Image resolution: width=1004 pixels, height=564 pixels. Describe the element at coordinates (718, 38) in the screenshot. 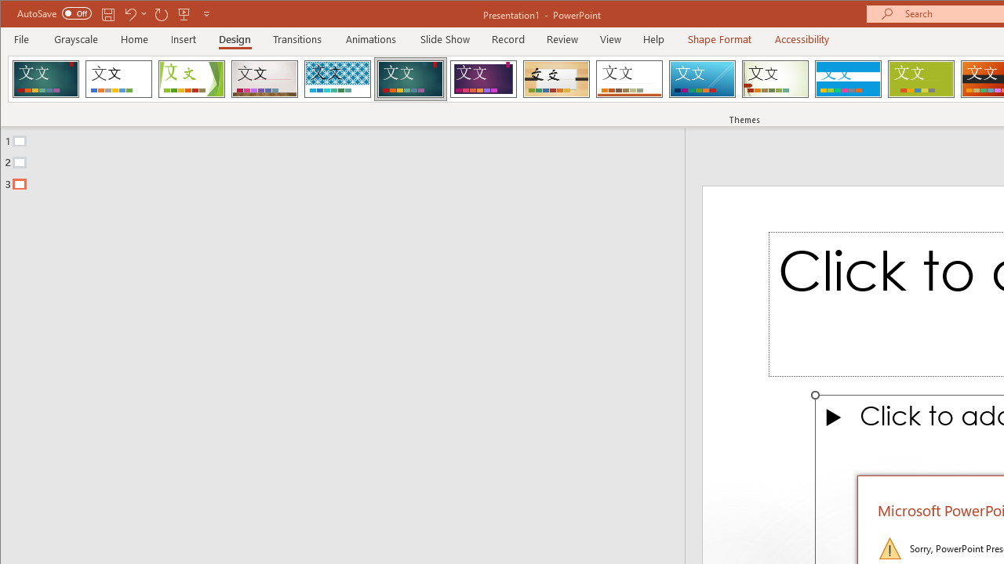

I see `'Shape Format'` at that location.